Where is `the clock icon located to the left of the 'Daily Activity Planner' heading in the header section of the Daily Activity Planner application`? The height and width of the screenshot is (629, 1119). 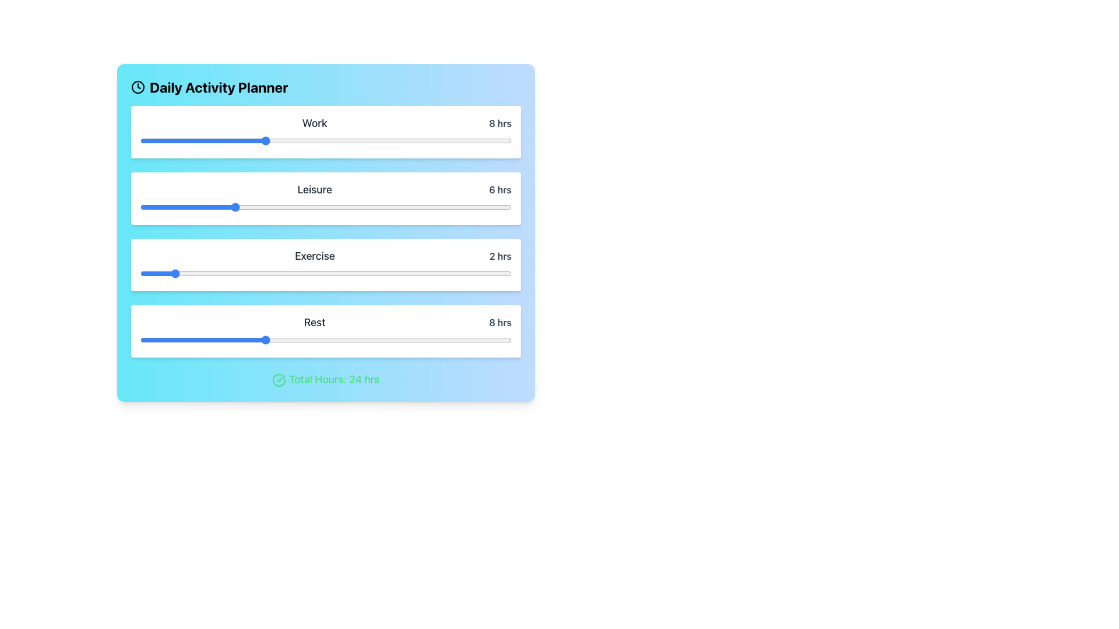
the clock icon located to the left of the 'Daily Activity Planner' heading in the header section of the Daily Activity Planner application is located at coordinates (138, 87).